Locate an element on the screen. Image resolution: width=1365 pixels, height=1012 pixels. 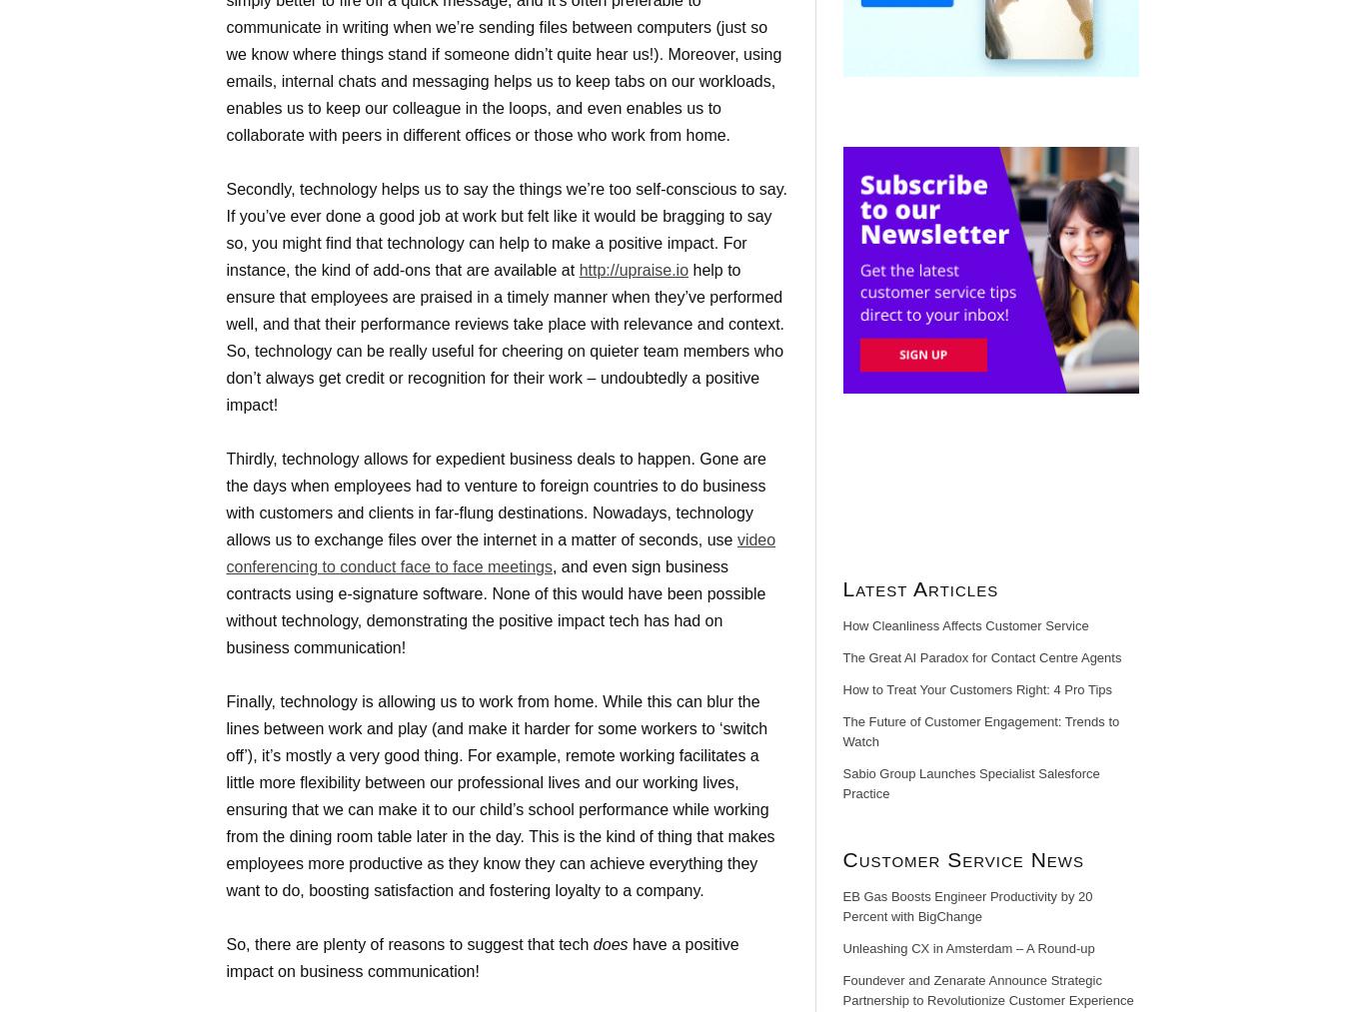
'Finally, technology is allowing us to work from home. While this can blur the lines between work and play (and make it harder for some workers to ‘switch off’), it’s mostly a very good thing. For example, remote working facilitates a little more flexibility between our professional lives and our working lives, ensuring that we can make it to our child’s school performance while working from the dining room table later in the day. This is the kind of thing that makes employees more productive as they know they can achieve everything they want to do, boosting satisfaction and fostering loyalty to a company.' is located at coordinates (500, 796).